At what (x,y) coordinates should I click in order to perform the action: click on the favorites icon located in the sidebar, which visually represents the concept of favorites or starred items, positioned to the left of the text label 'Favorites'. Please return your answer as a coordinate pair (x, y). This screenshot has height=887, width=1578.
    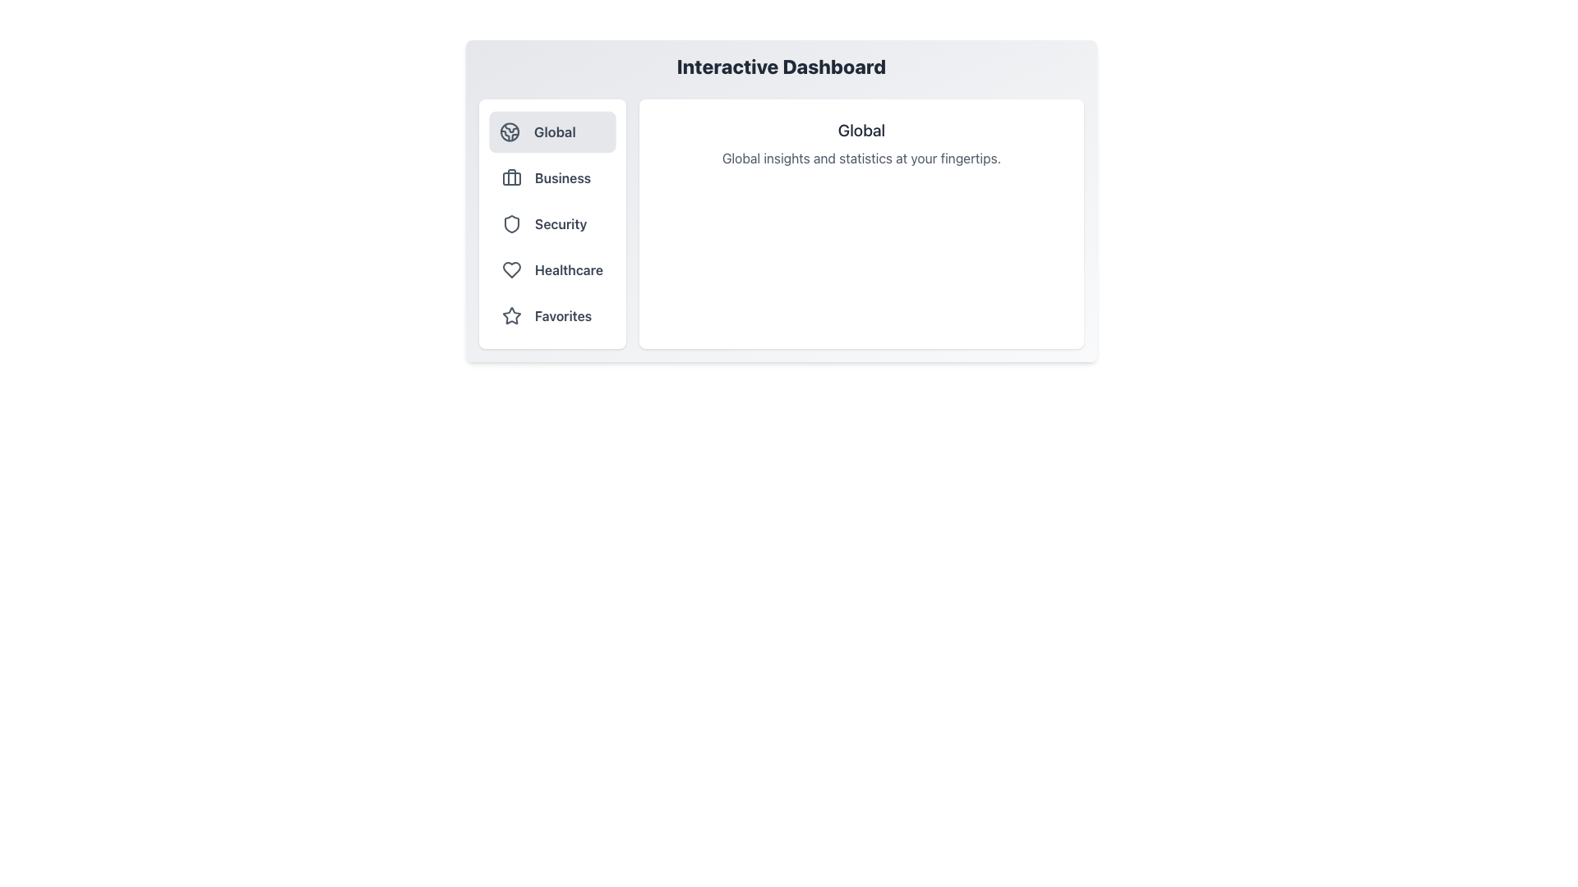
    Looking at the image, I should click on (511, 316).